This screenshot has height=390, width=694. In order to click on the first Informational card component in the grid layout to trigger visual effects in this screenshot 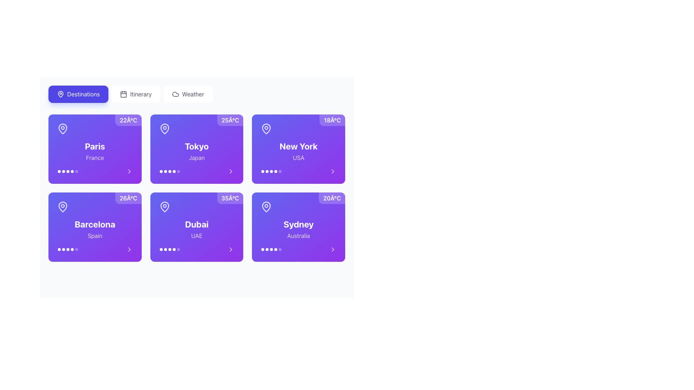, I will do `click(94, 148)`.